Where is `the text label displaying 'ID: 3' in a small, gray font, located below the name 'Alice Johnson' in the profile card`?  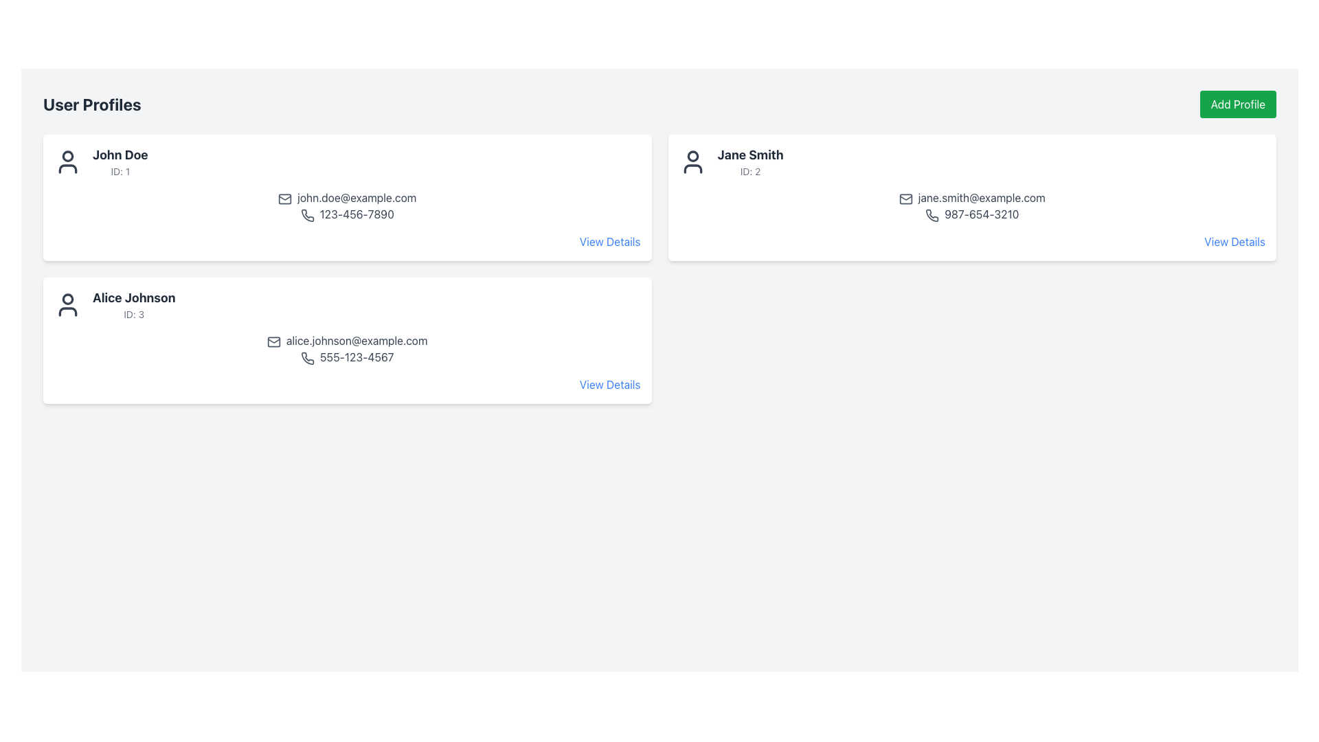 the text label displaying 'ID: 3' in a small, gray font, located below the name 'Alice Johnson' in the profile card is located at coordinates (134, 315).